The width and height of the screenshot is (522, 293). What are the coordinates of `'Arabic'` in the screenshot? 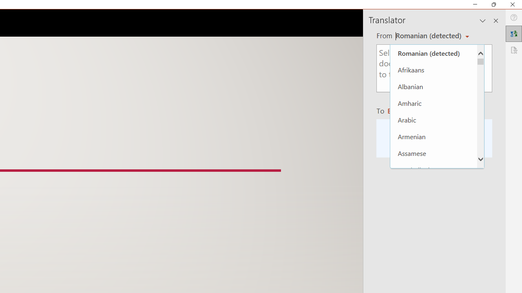 It's located at (433, 120).